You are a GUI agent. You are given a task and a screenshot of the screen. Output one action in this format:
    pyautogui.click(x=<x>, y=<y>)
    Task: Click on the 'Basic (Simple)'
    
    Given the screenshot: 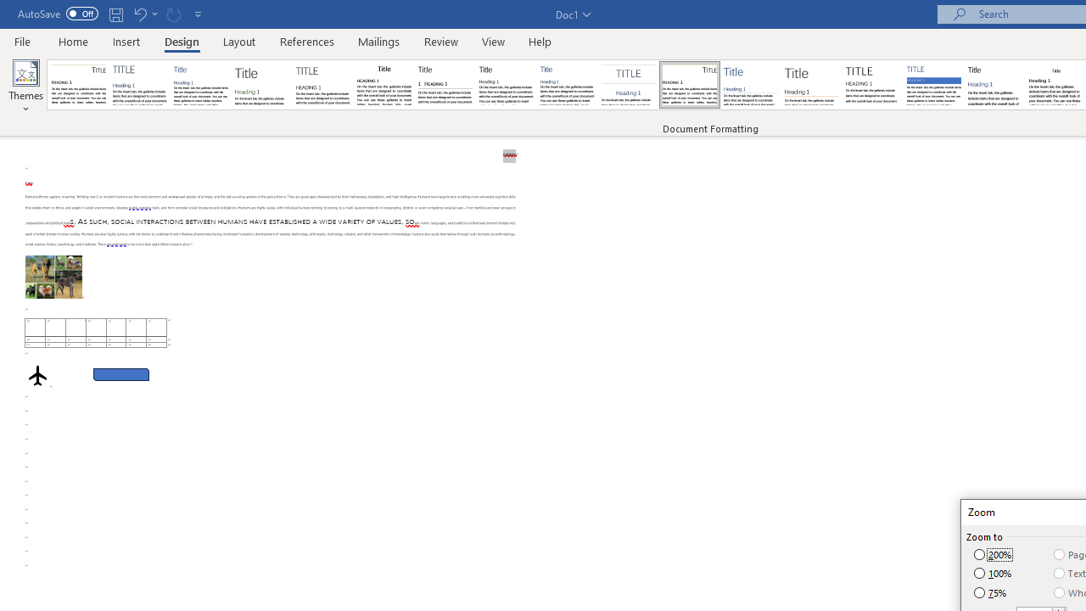 What is the action you would take?
    pyautogui.click(x=200, y=85)
    